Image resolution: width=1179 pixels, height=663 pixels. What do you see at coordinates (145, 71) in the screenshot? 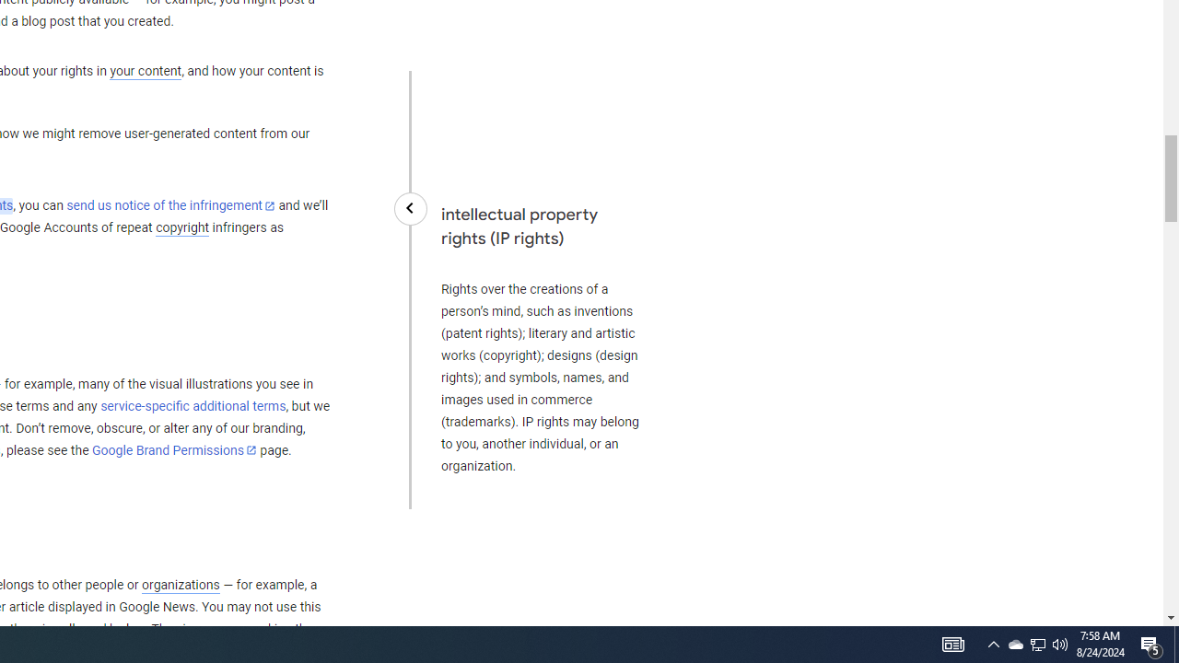
I see `'your content'` at bounding box center [145, 71].